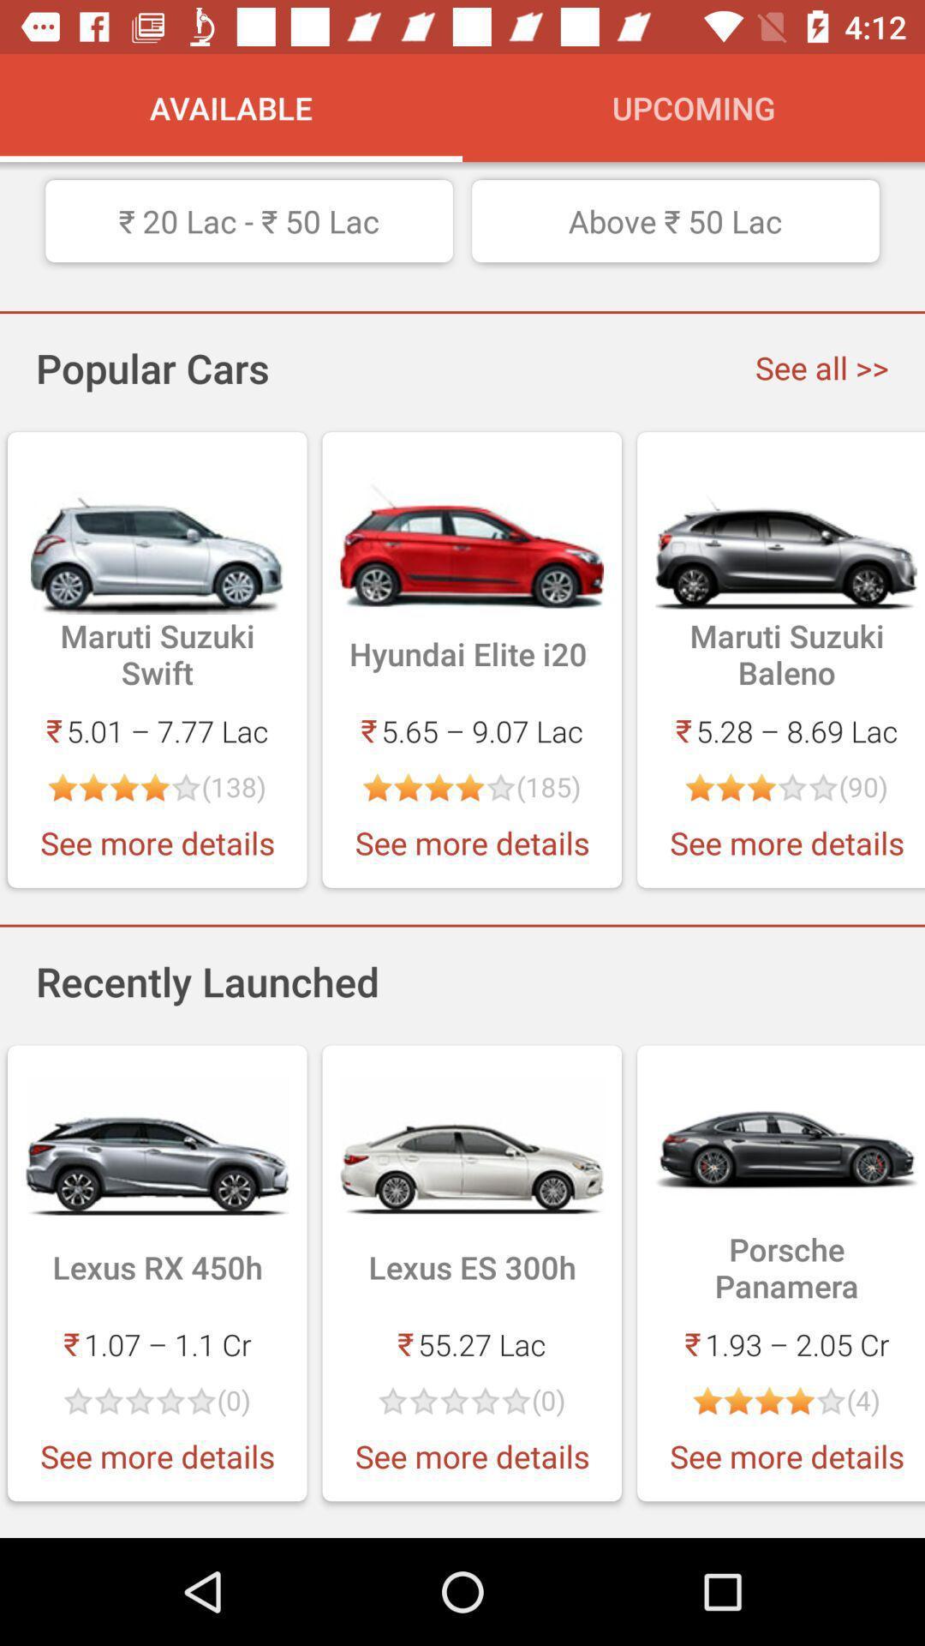 The height and width of the screenshot is (1646, 925). What do you see at coordinates (231, 106) in the screenshot?
I see `the icon to the left of upcoming` at bounding box center [231, 106].